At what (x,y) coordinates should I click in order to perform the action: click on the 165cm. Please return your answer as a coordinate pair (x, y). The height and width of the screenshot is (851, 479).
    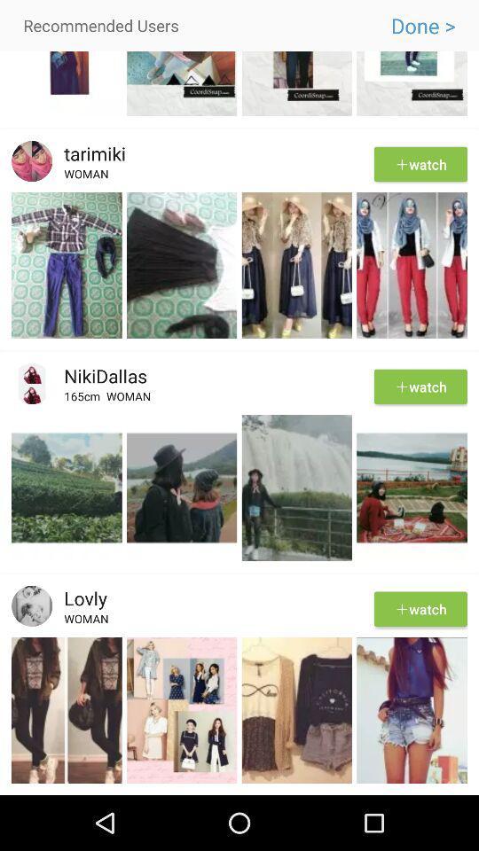
    Looking at the image, I should click on (84, 399).